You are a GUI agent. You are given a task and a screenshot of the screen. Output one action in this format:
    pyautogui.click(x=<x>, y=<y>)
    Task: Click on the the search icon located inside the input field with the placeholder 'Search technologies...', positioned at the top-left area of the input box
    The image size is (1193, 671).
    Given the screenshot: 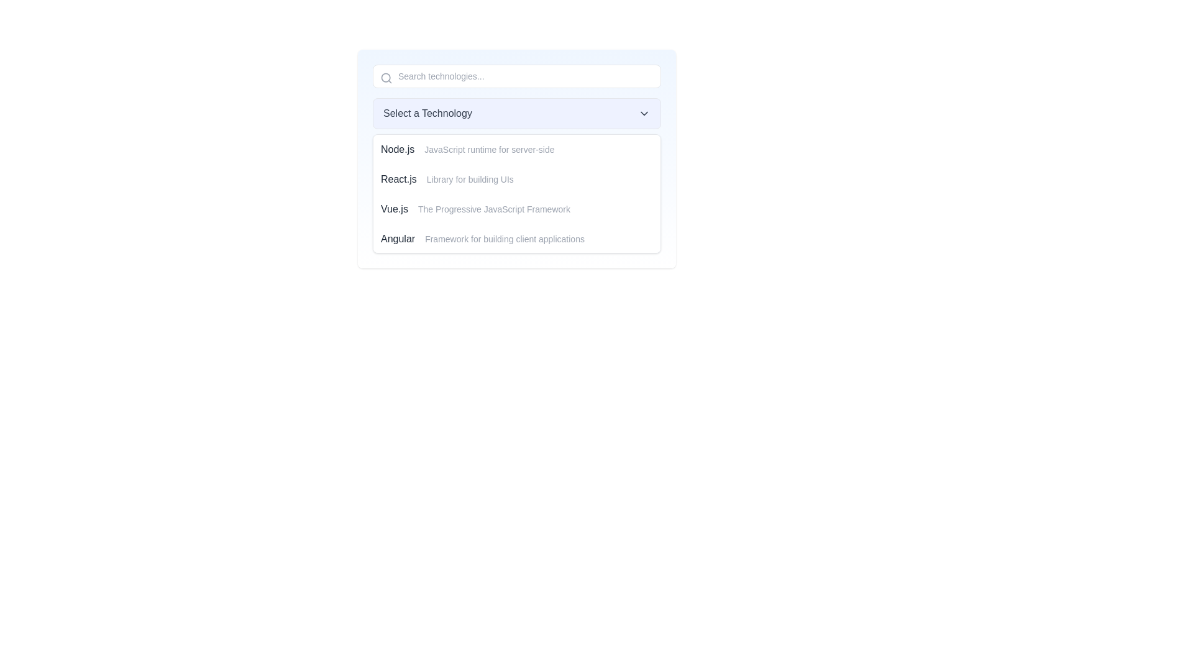 What is the action you would take?
    pyautogui.click(x=386, y=78)
    